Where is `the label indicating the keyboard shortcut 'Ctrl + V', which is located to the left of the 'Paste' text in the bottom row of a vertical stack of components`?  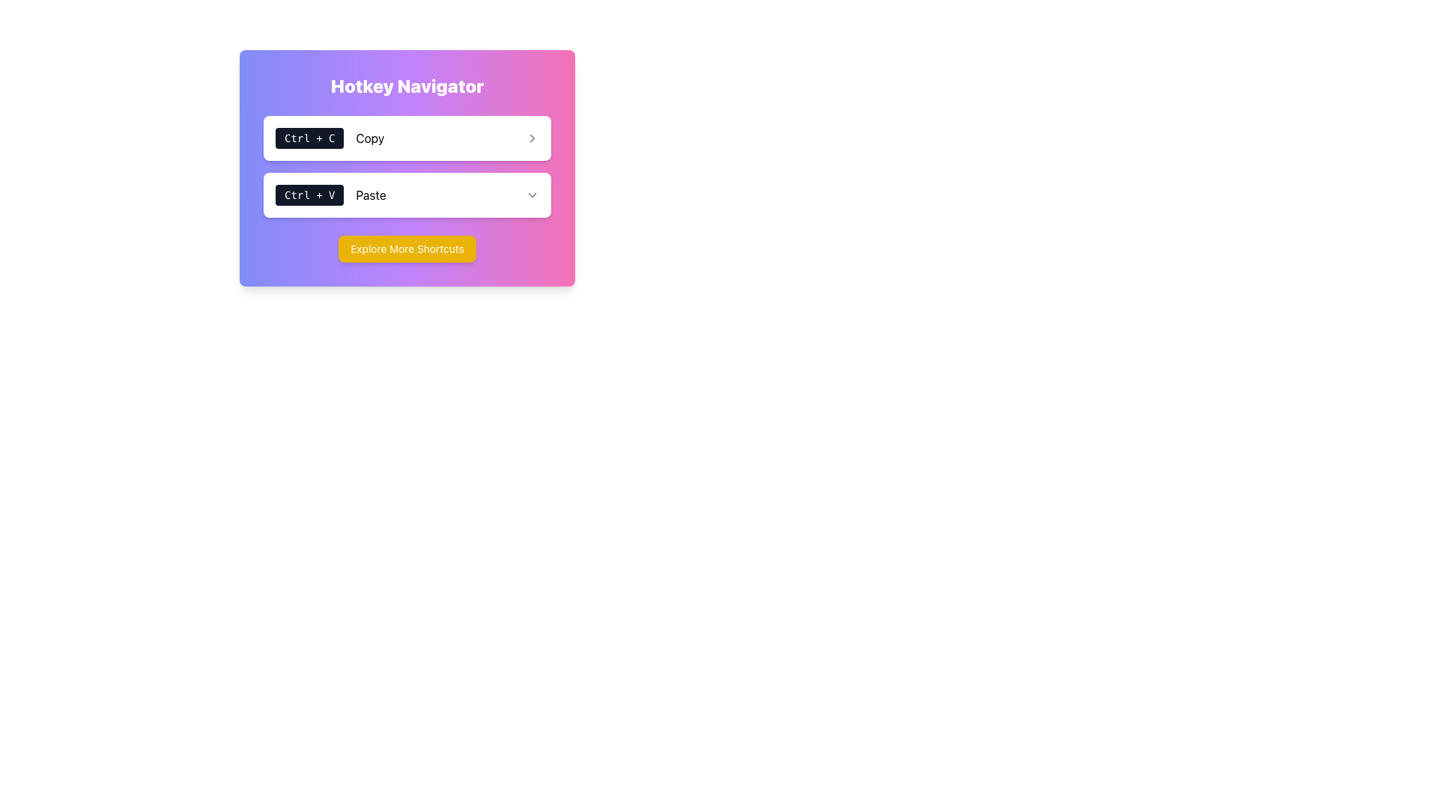 the label indicating the keyboard shortcut 'Ctrl + V', which is located to the left of the 'Paste' text in the bottom row of a vertical stack of components is located at coordinates (309, 195).